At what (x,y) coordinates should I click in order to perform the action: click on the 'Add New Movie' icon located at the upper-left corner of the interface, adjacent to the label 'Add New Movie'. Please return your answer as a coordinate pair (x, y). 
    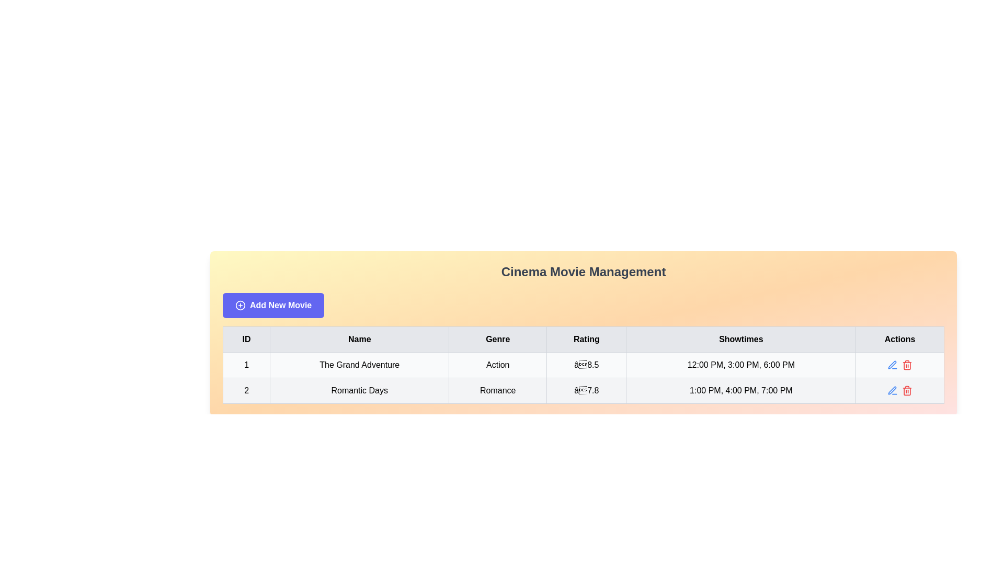
    Looking at the image, I should click on (240, 305).